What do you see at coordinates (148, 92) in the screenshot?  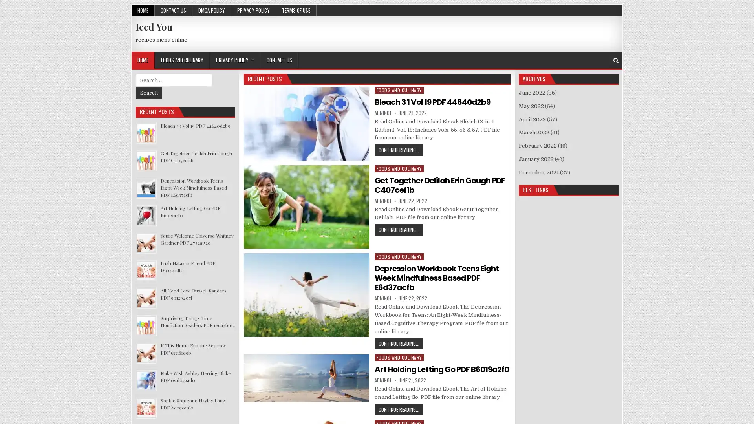 I see `Search` at bounding box center [148, 92].